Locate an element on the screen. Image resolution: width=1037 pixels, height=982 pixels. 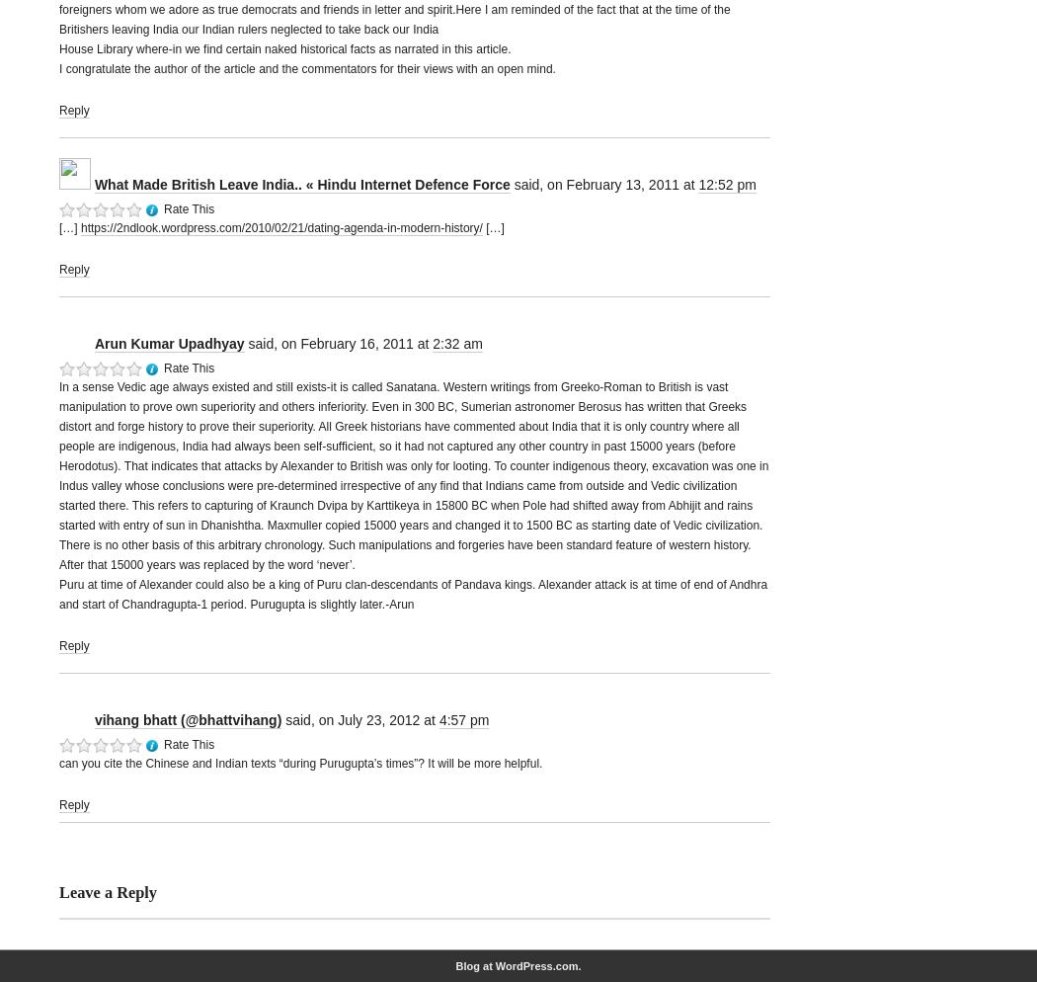
'https://2ndlook.wordpress.com/2010/02/21/dating-agenda-in-modern-history/' is located at coordinates (279, 228).